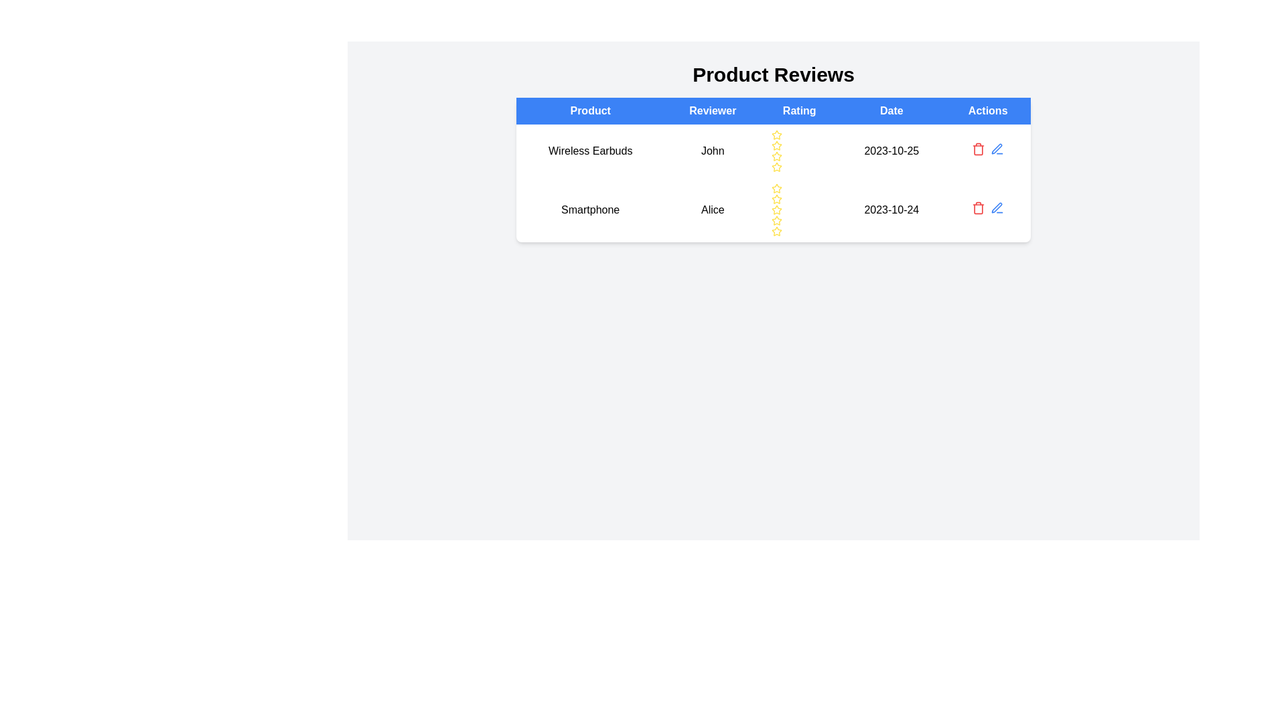 This screenshot has width=1286, height=723. I want to click on the last yellow star icon in the rating row for John in the 'Wireless Earbuds' product reviews table, located in the 'Rating' column, so click(777, 167).